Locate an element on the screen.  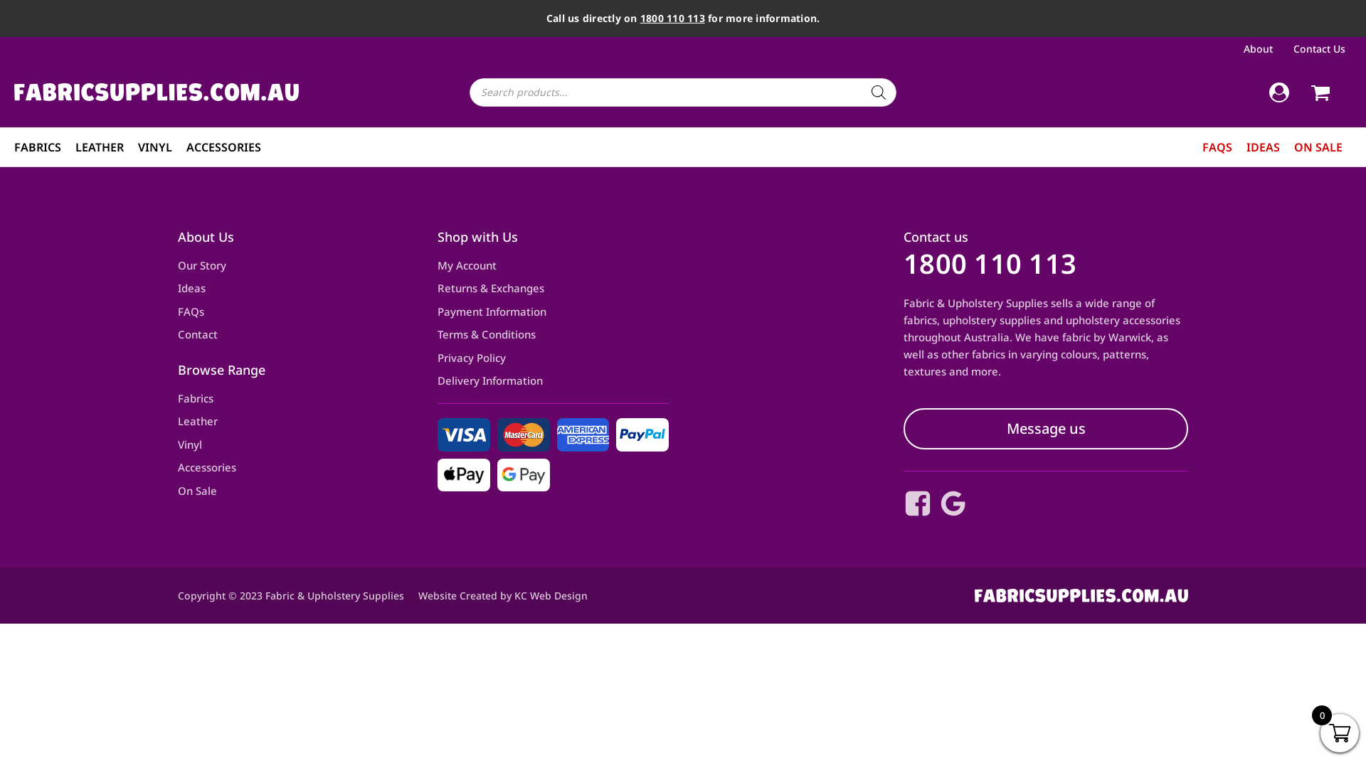
'LEATHER' is located at coordinates (98, 147).